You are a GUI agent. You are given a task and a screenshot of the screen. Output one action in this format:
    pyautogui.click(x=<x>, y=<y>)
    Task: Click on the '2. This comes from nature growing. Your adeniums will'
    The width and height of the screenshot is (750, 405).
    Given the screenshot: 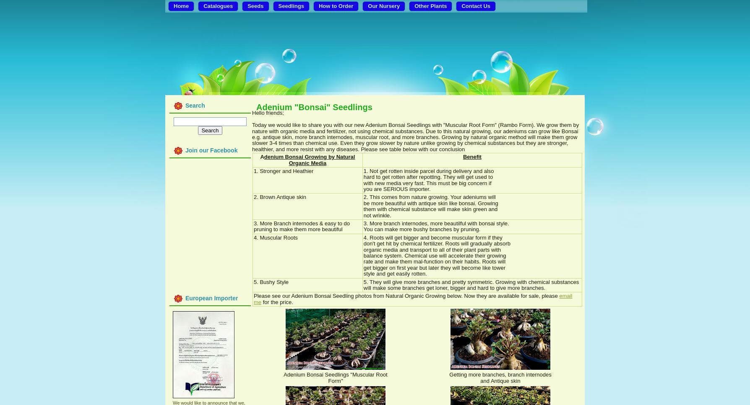 What is the action you would take?
    pyautogui.click(x=429, y=197)
    